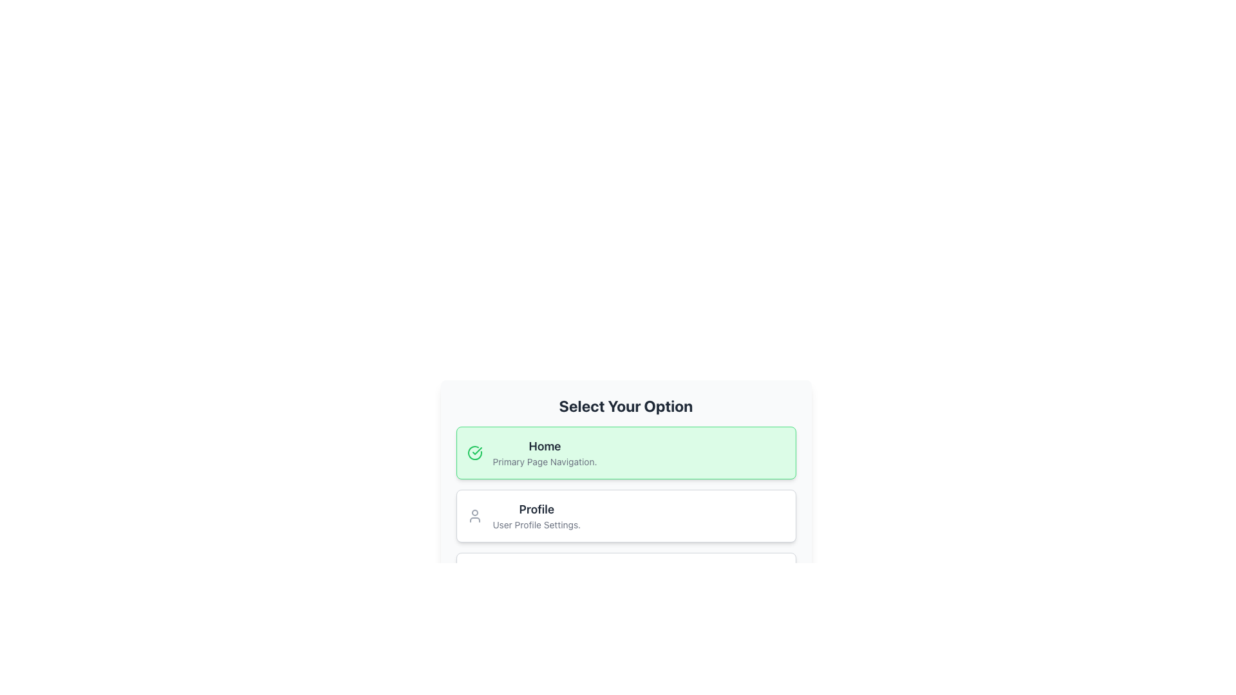 The height and width of the screenshot is (695, 1236). Describe the element at coordinates (536, 525) in the screenshot. I see `the static text label that serves as a descriptive subtitle for the 'Profile' section, located directly below the 'Profile' label` at that location.